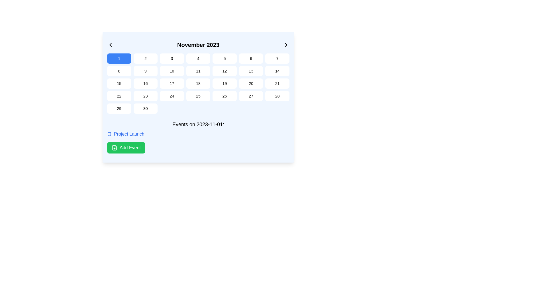 The image size is (547, 307). I want to click on the button styled as a white rectangular box with rounded corners containing the black text '23', so click(145, 96).